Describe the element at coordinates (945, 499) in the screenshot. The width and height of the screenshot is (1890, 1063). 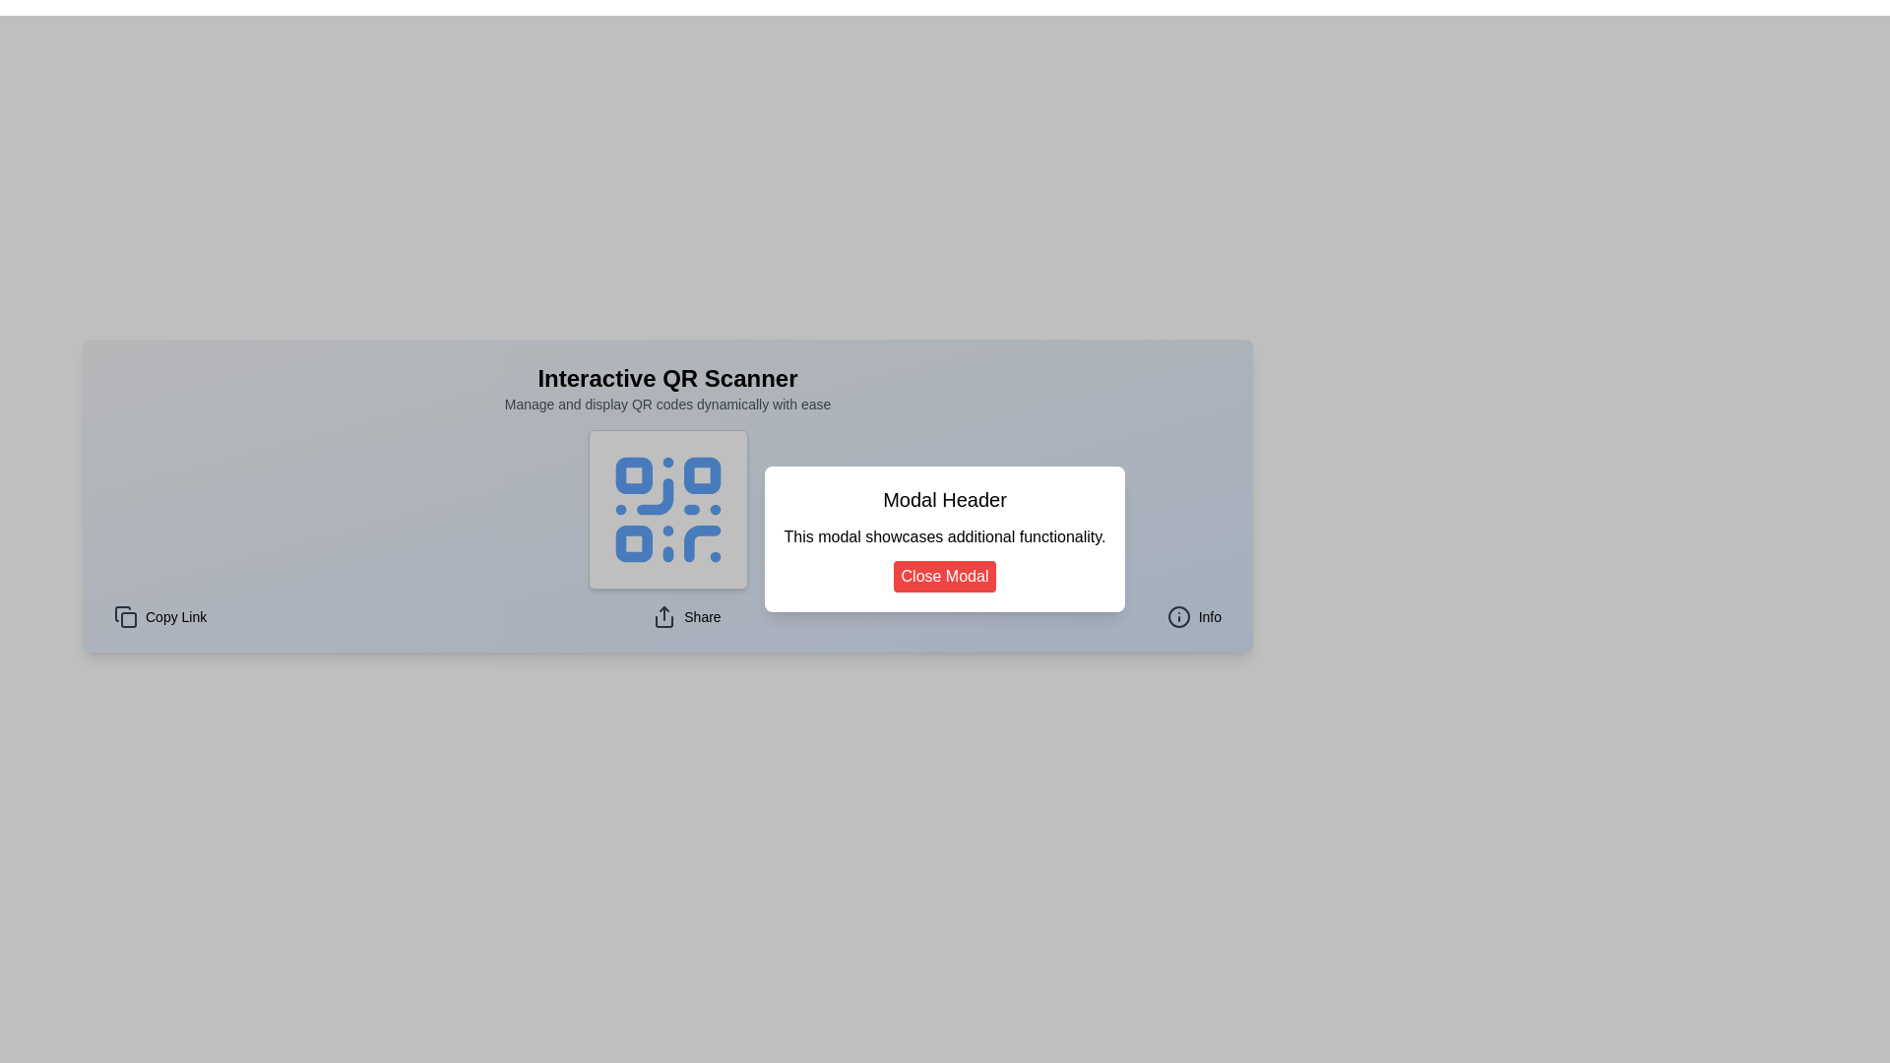
I see `the header text of the modal dialog, which provides context or a title for the modal's purpose` at that location.